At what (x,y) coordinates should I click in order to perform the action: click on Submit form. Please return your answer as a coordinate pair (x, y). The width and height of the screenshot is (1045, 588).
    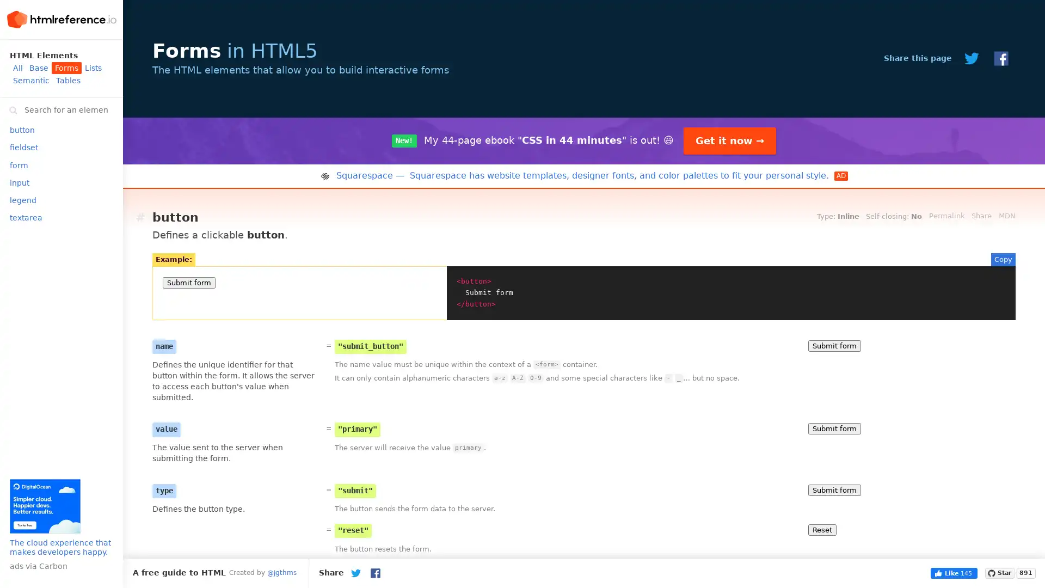
    Looking at the image, I should click on (834, 428).